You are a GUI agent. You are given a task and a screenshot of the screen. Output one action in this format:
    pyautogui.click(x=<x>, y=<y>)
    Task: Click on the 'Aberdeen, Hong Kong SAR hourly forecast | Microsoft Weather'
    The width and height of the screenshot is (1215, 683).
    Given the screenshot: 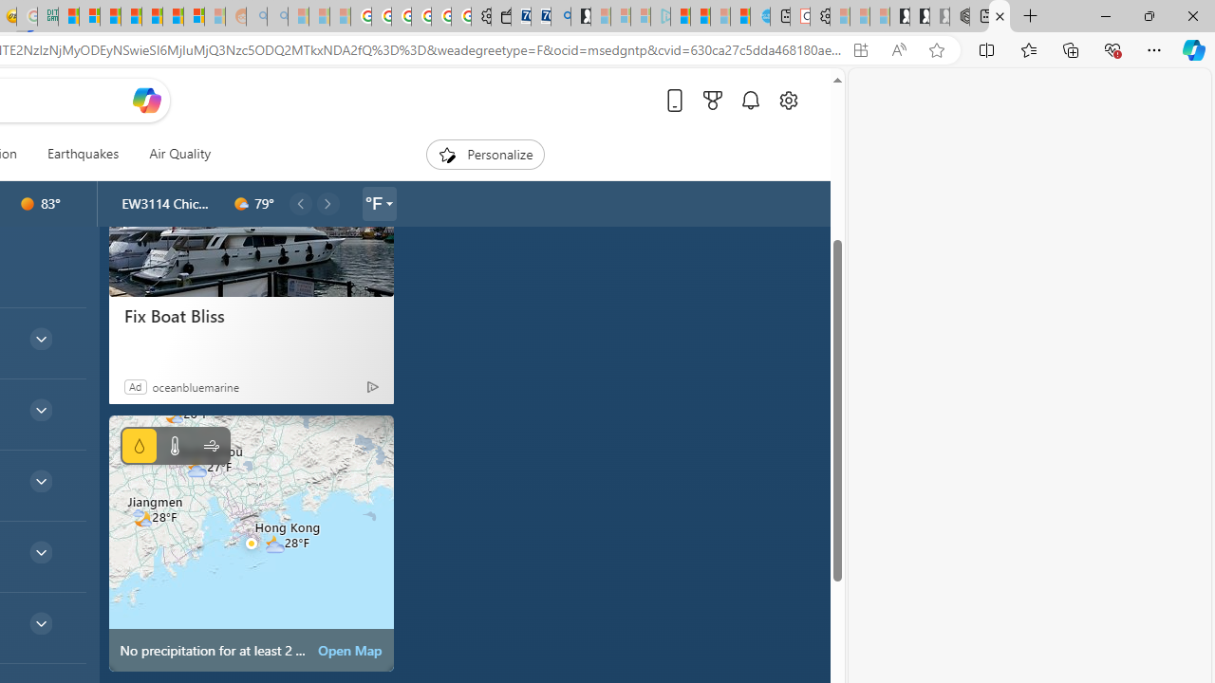 What is the action you would take?
    pyautogui.click(x=999, y=16)
    